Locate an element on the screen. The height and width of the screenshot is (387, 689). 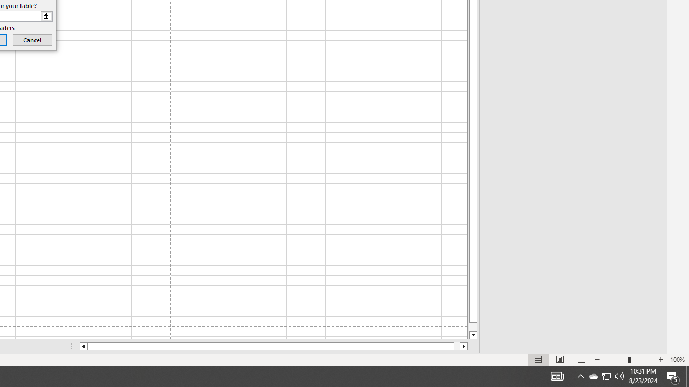
'Page down' is located at coordinates (473, 326).